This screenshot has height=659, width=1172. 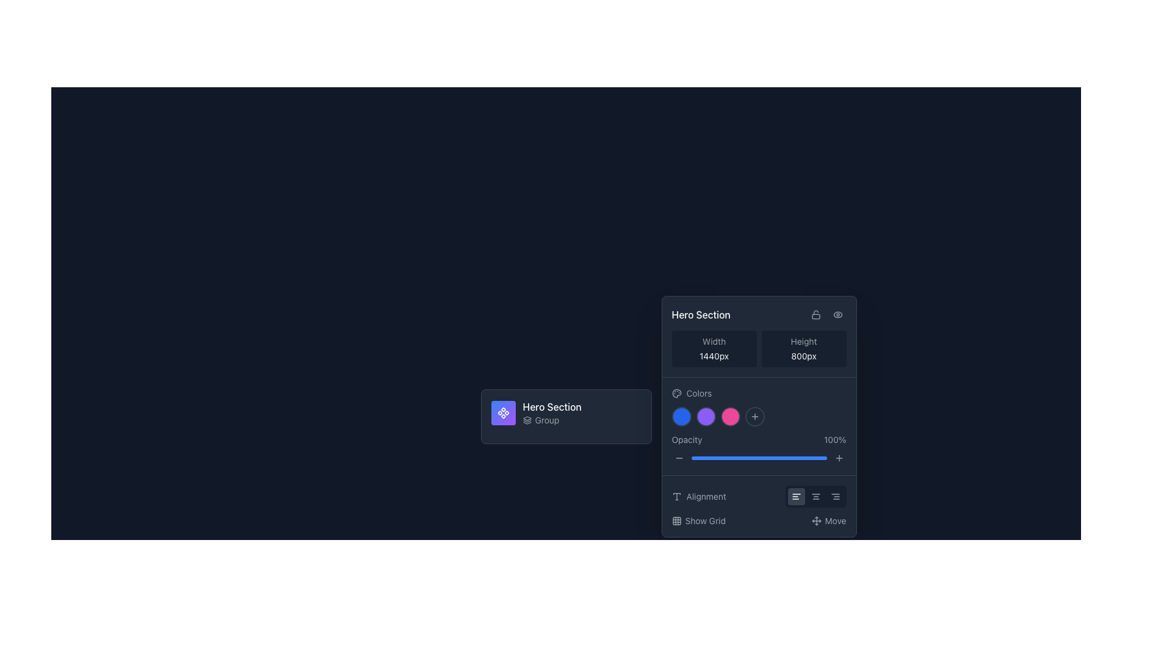 What do you see at coordinates (699, 496) in the screenshot?
I see `the label element indicating the purpose of the alignment-related control, positioned below the 'Opacity' section in the settings interface` at bounding box center [699, 496].